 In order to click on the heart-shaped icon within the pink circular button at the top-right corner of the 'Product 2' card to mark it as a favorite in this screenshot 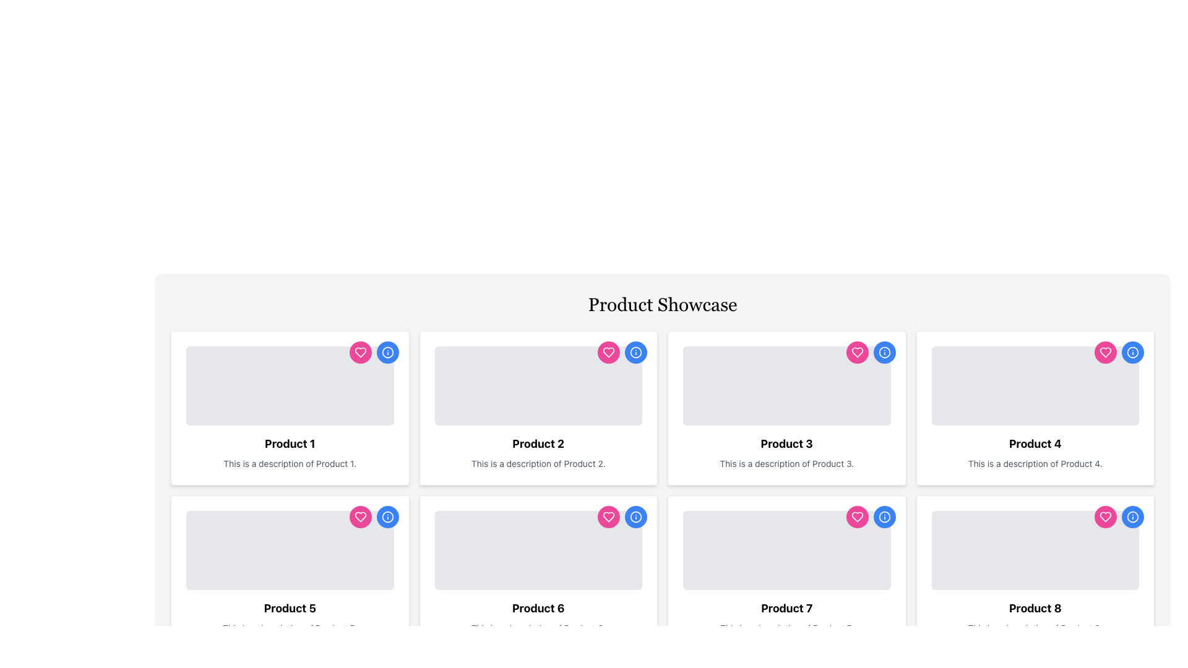, I will do `click(608, 517)`.